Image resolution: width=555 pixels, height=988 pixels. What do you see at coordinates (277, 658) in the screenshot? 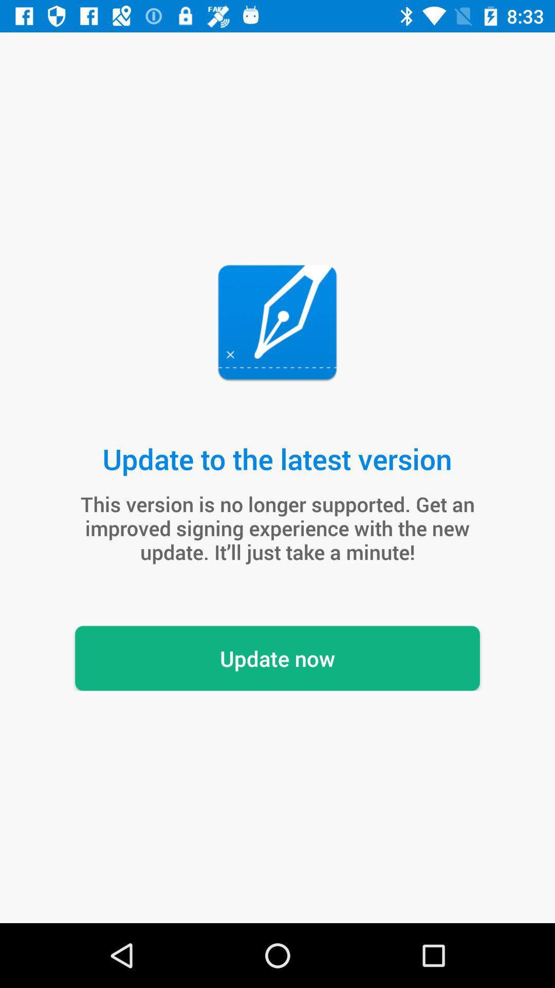
I see `the item below the this version is item` at bounding box center [277, 658].